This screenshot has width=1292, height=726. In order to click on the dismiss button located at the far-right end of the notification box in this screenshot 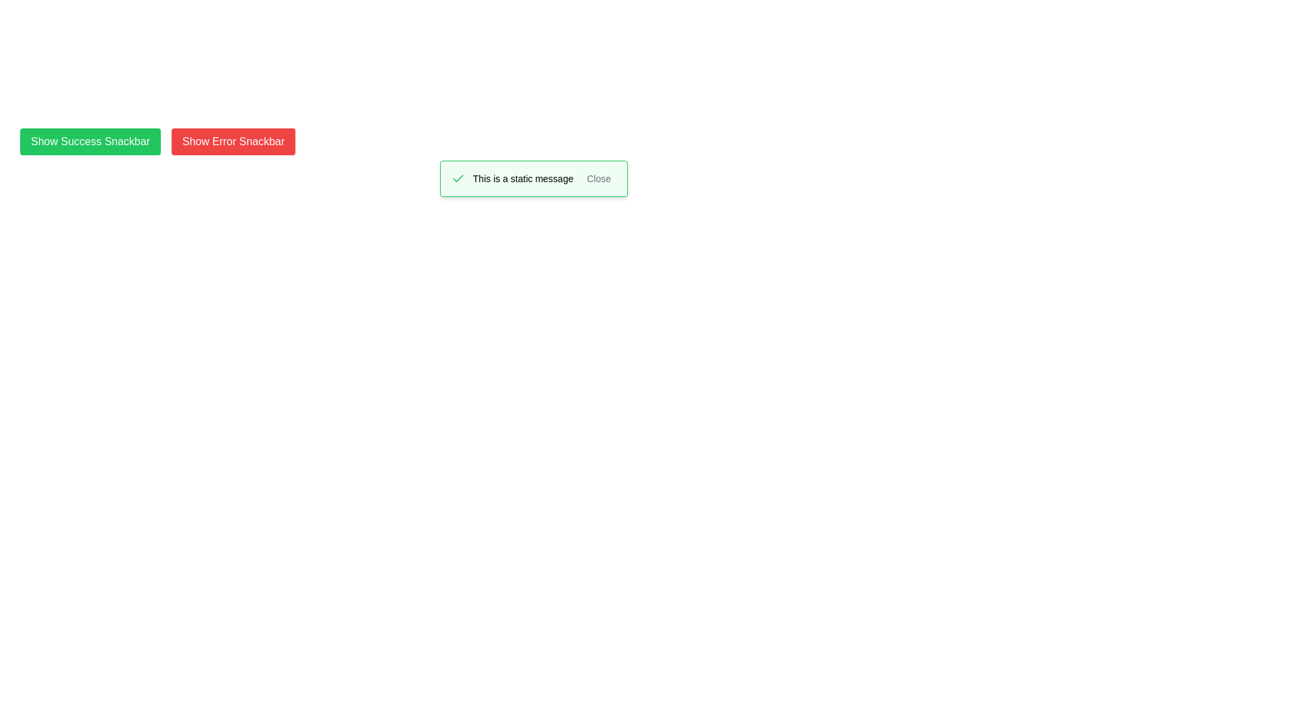, I will do `click(598, 178)`.